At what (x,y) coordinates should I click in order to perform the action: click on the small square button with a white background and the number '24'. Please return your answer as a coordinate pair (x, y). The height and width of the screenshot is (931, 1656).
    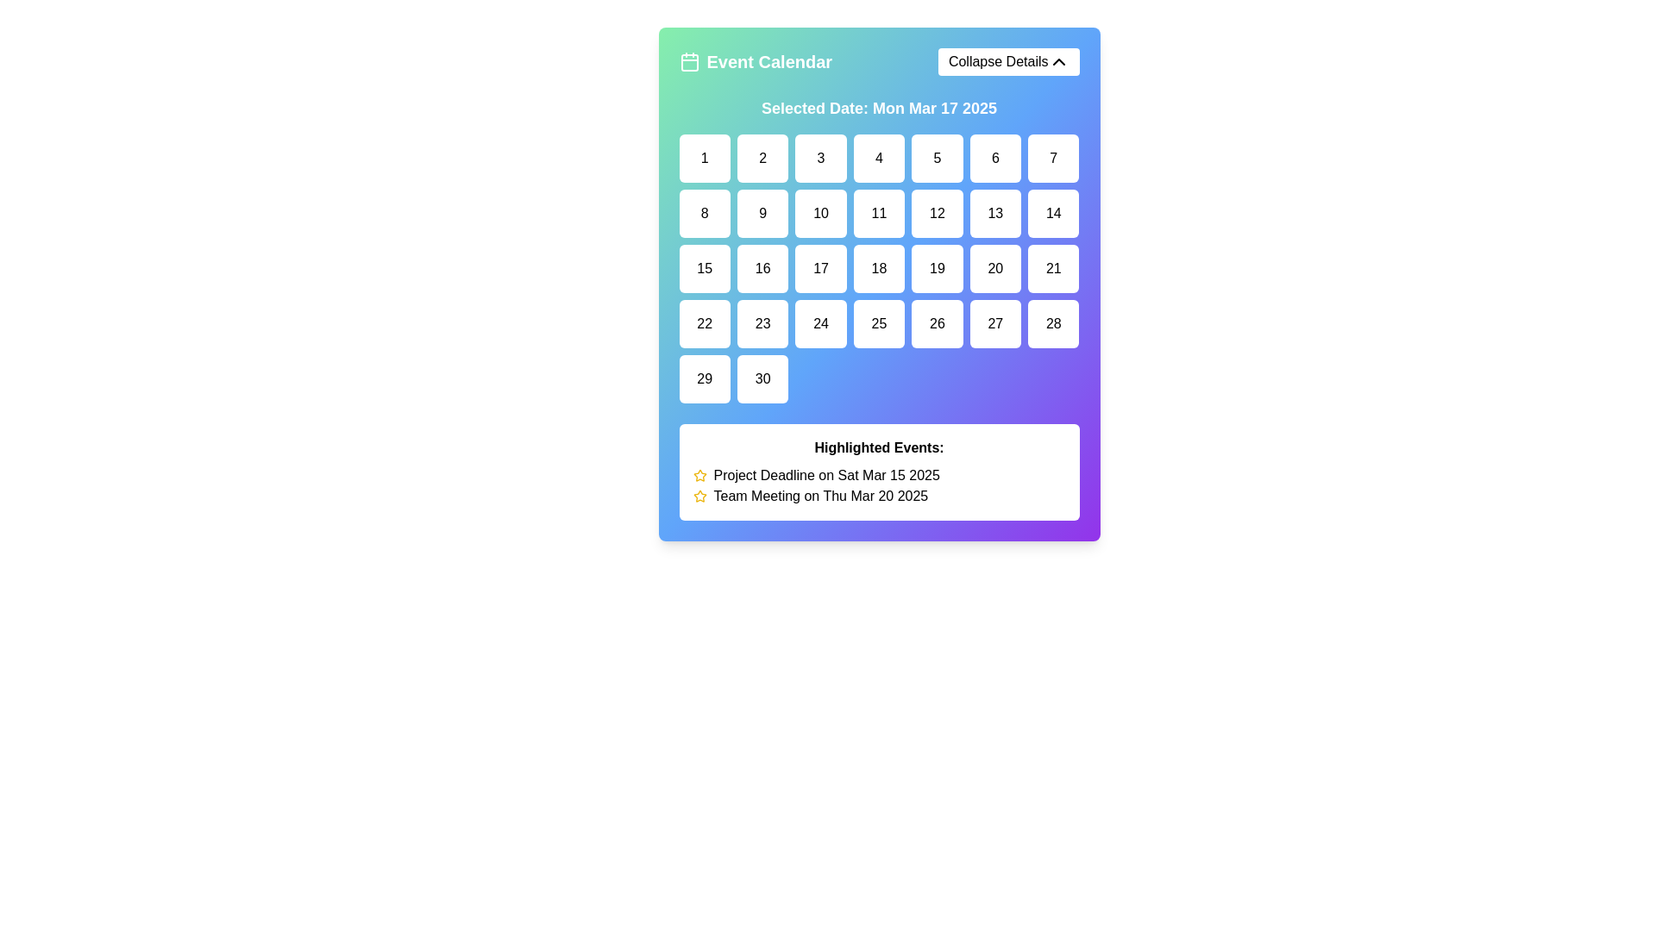
    Looking at the image, I should click on (820, 323).